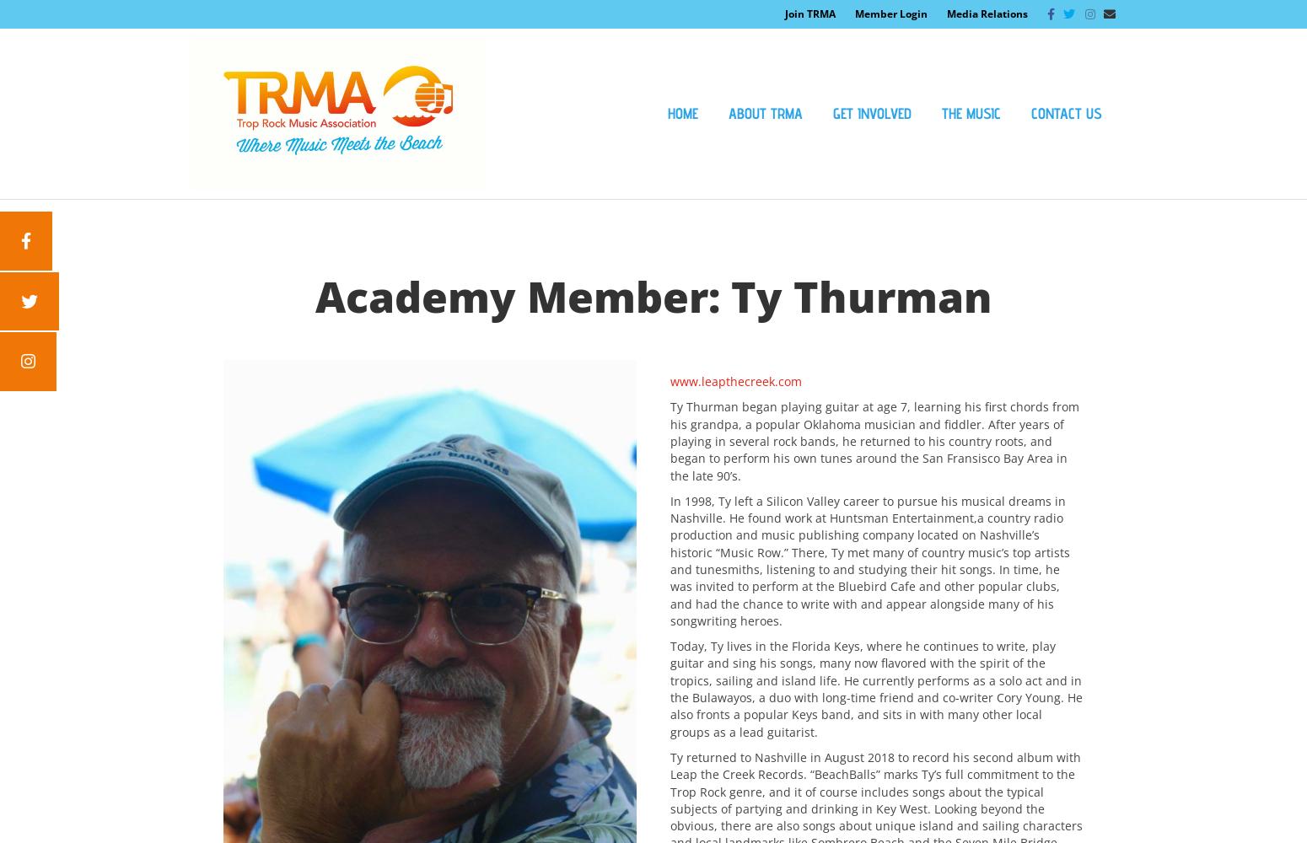 The width and height of the screenshot is (1307, 843). Describe the element at coordinates (876, 688) in the screenshot. I see `'Today, Ty lives in the Florida Keys, where he continues to write, play guitar and sing his songs, many now flavored with the spirit of the tropics, sailing and island life.  He currently performs as a solo act and in the Bulawayos, a duo with long-time friend and co-writer Cory Young.  He also fronts a popular Keys band, and sits in with many other local groups as a lead guitarist.'` at that location.